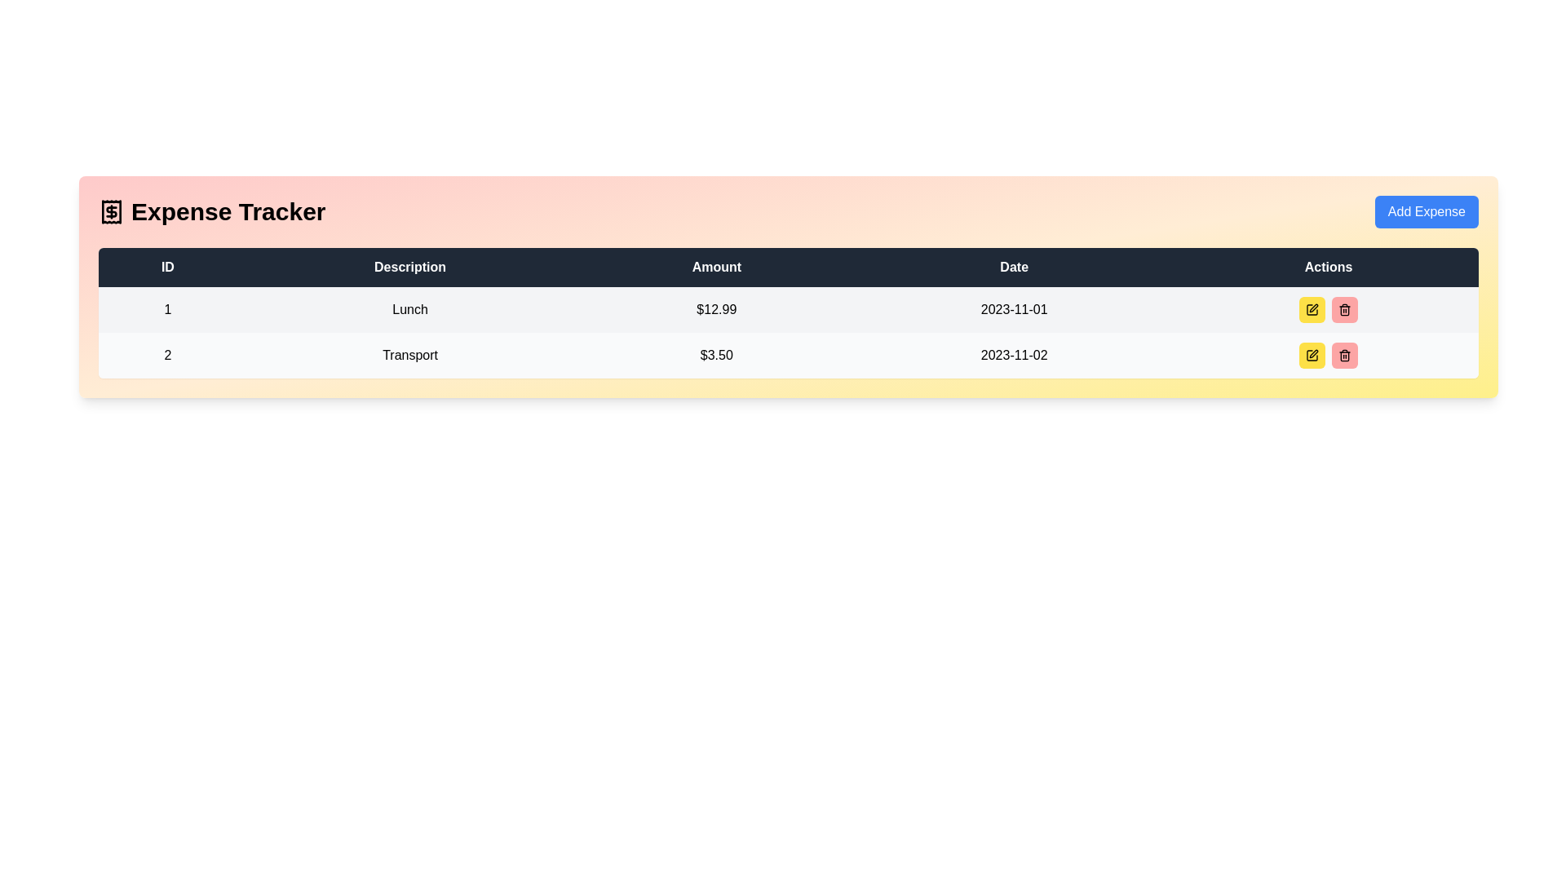 The height and width of the screenshot is (881, 1566). What do you see at coordinates (1312, 354) in the screenshot?
I see `the pen icon within the button in the 'Actions' column of the second row` at bounding box center [1312, 354].